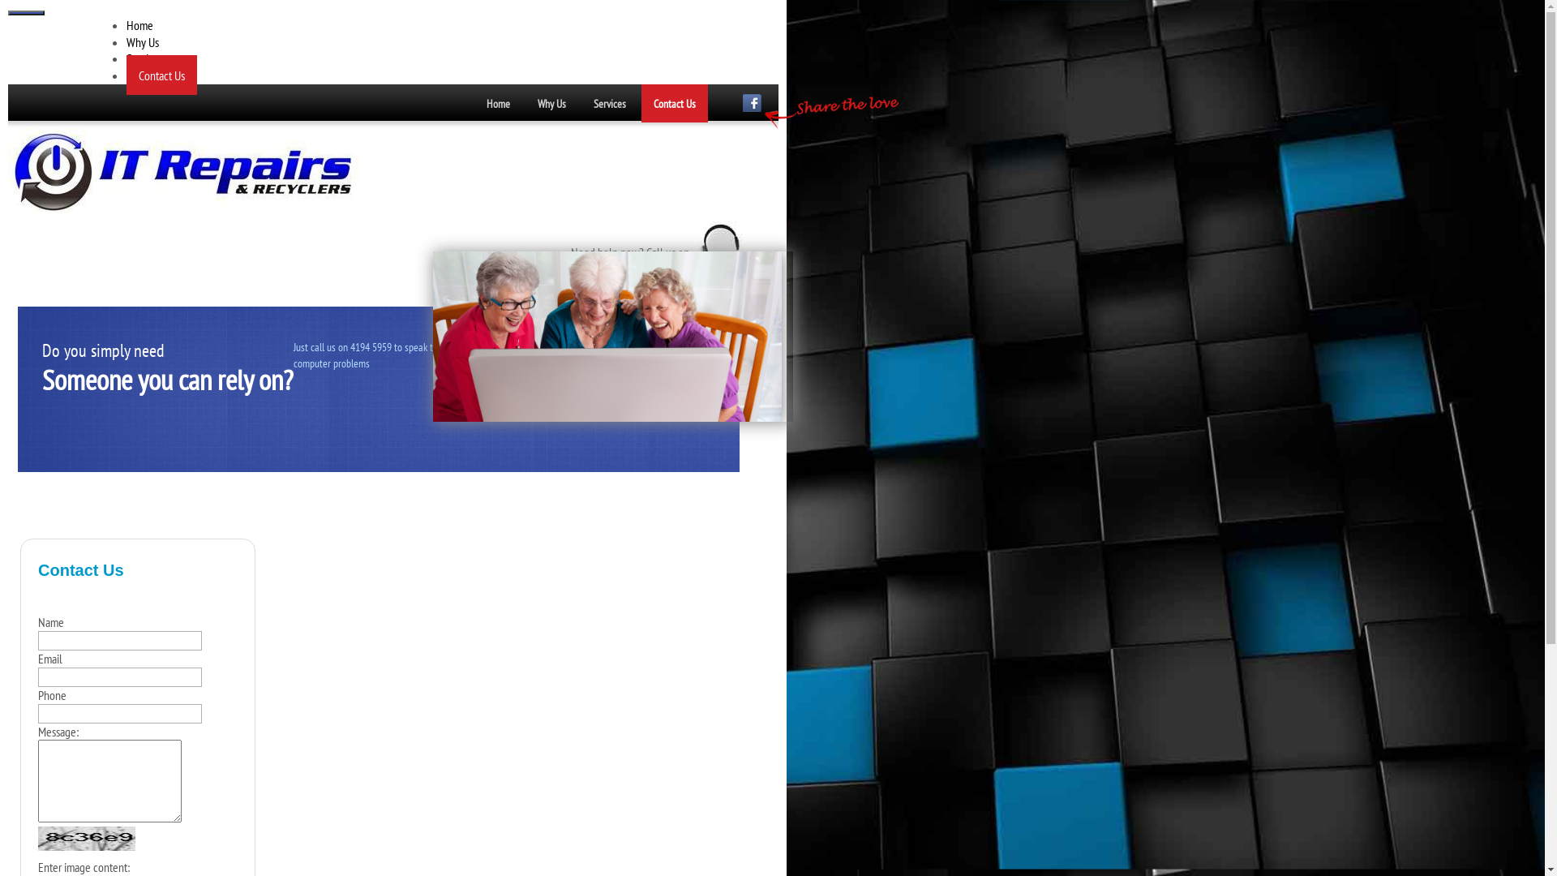 This screenshot has width=1557, height=876. Describe the element at coordinates (126, 41) in the screenshot. I see `'Why Us'` at that location.